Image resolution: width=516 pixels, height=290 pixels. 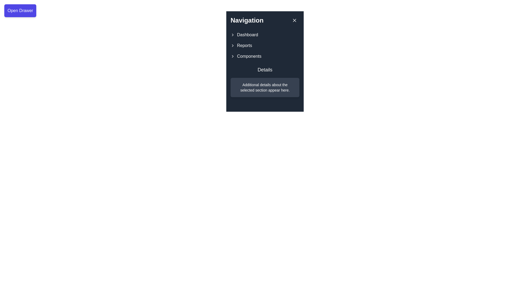 I want to click on the chevron or arrow icon, so click(x=232, y=45).